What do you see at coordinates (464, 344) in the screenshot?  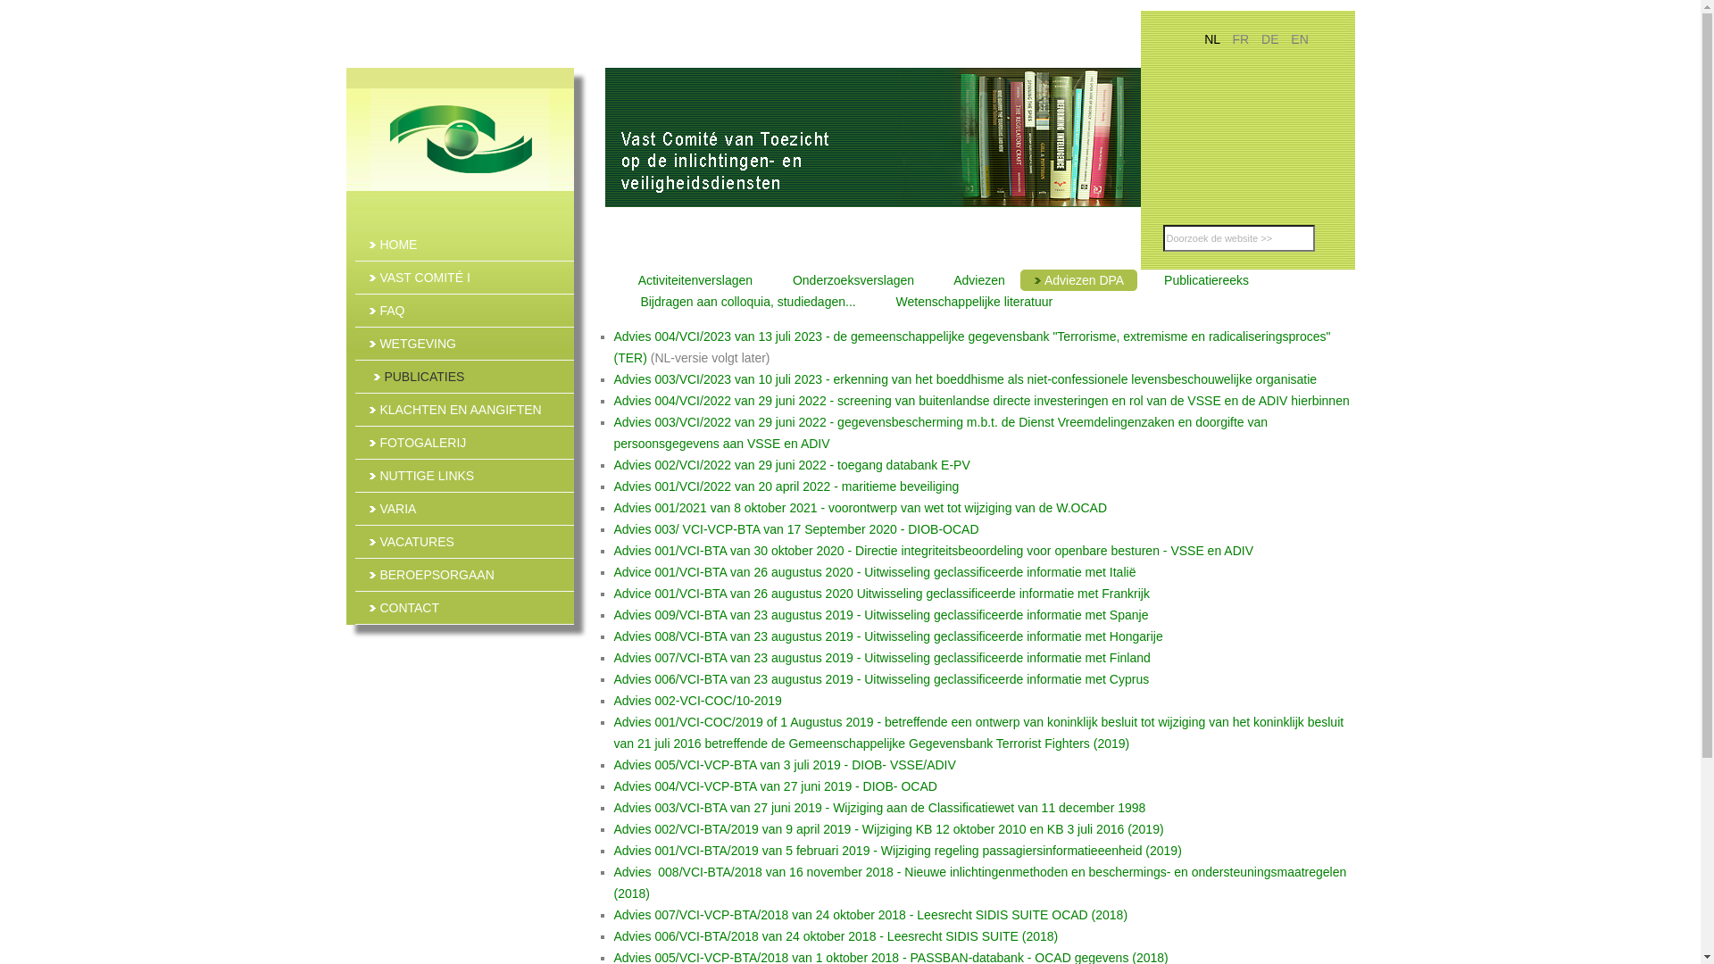 I see `'WETGEVING'` at bounding box center [464, 344].